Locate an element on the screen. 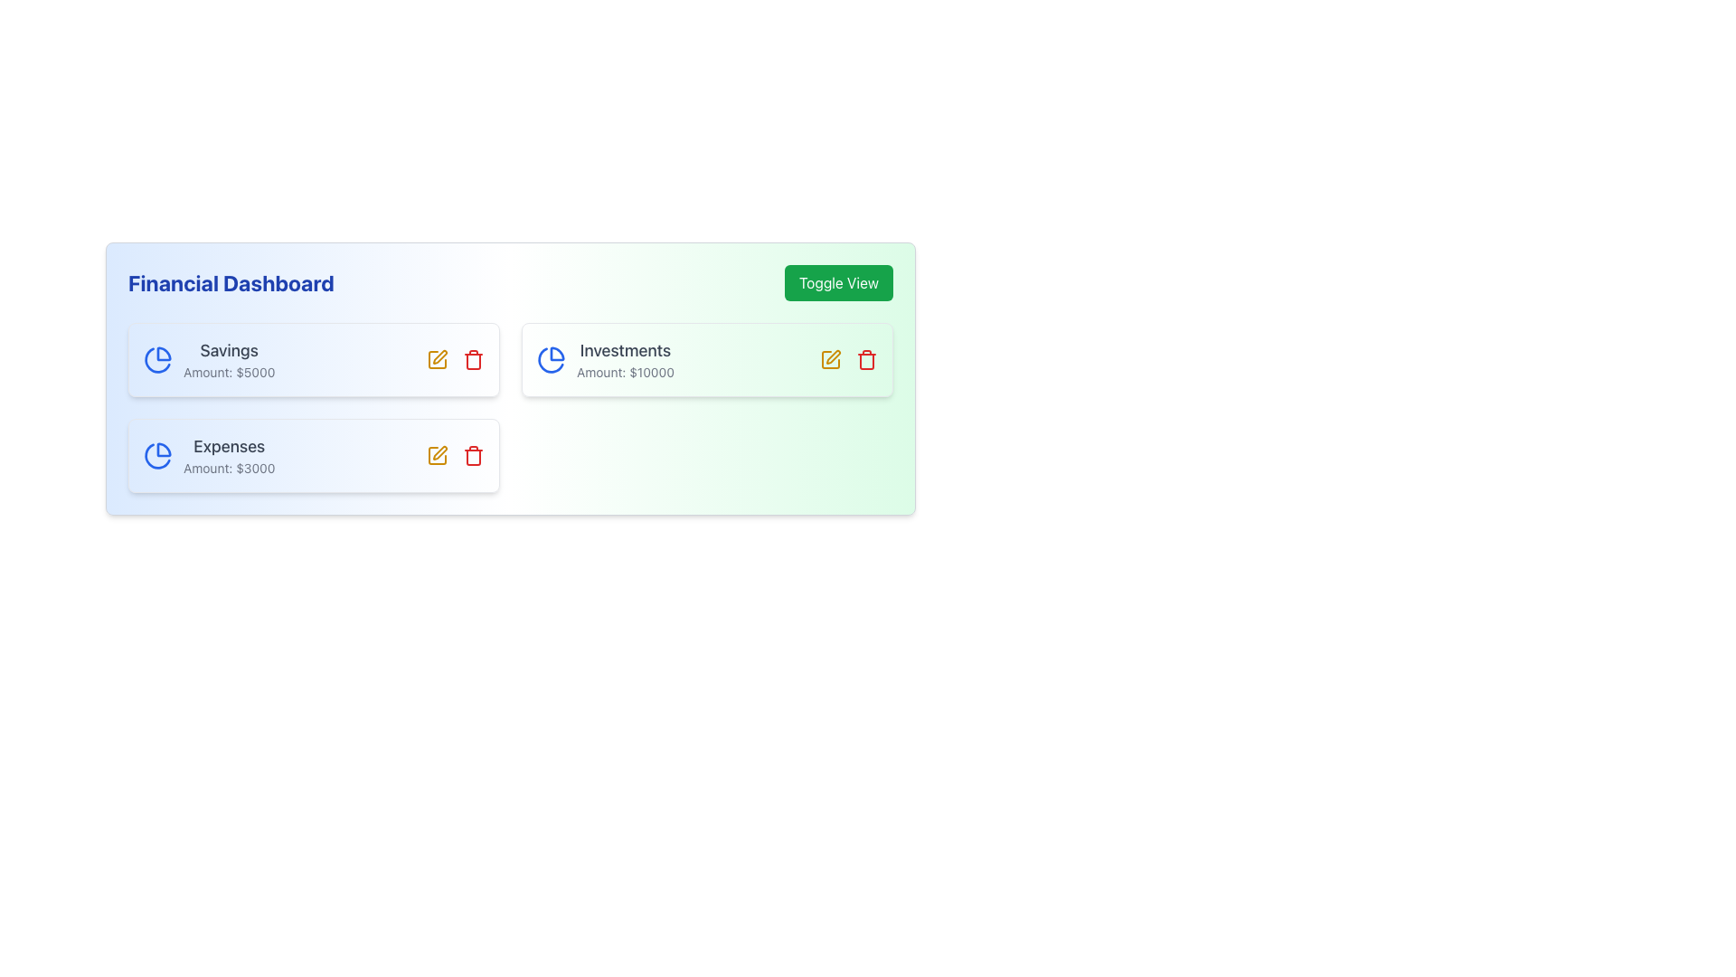  the edit pencil icon located on the far right of the 'Savings' card in the middle row of the financial dashboard is located at coordinates (438, 359).